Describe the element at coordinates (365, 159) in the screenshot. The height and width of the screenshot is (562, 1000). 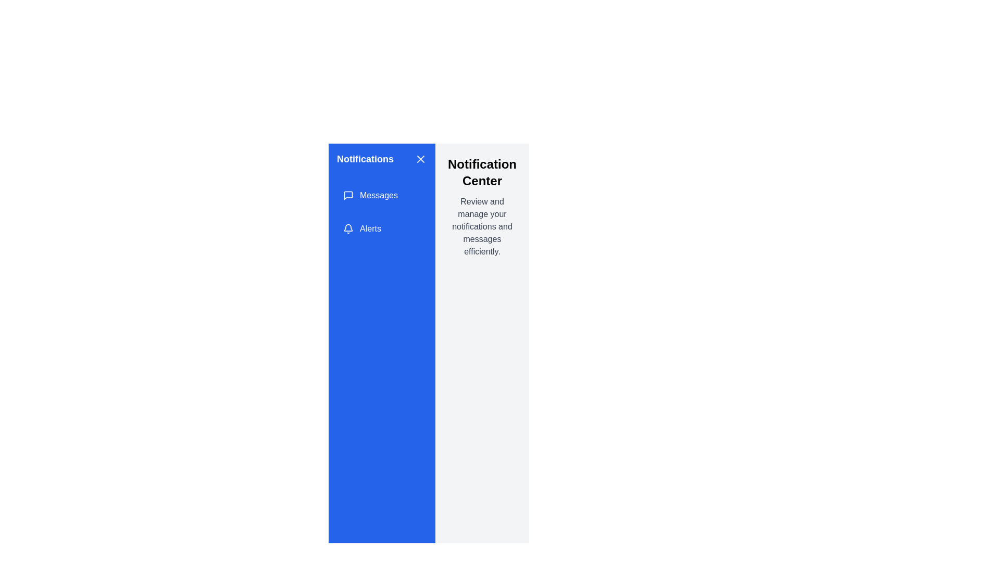
I see `the 'Notifications' text label, which is bold and larger in size, located on a blue background at the top-left section of the interface` at that location.